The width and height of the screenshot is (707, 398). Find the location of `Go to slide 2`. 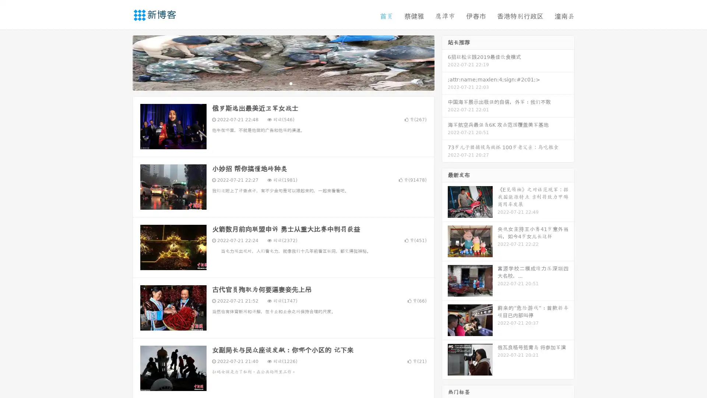

Go to slide 2 is located at coordinates (283, 83).